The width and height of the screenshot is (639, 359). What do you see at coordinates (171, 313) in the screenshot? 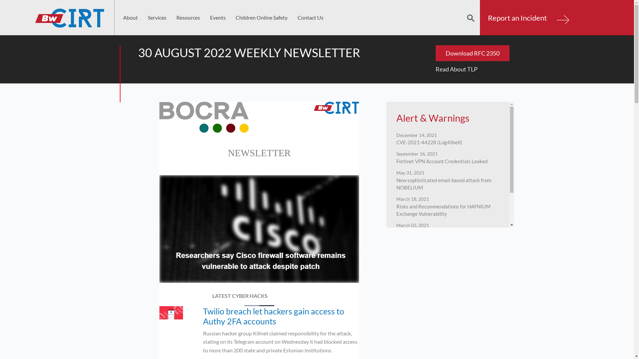
I see `'icon'` at bounding box center [171, 313].